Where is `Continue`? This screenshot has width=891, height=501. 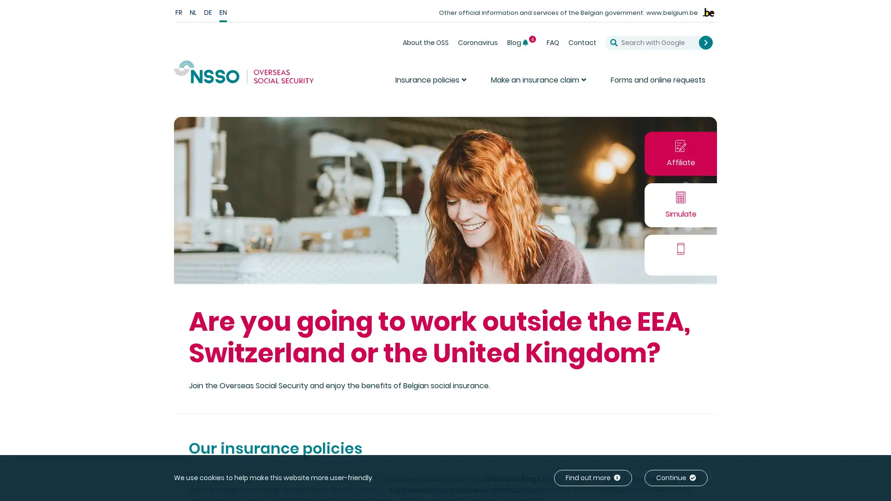
Continue is located at coordinates (676, 478).